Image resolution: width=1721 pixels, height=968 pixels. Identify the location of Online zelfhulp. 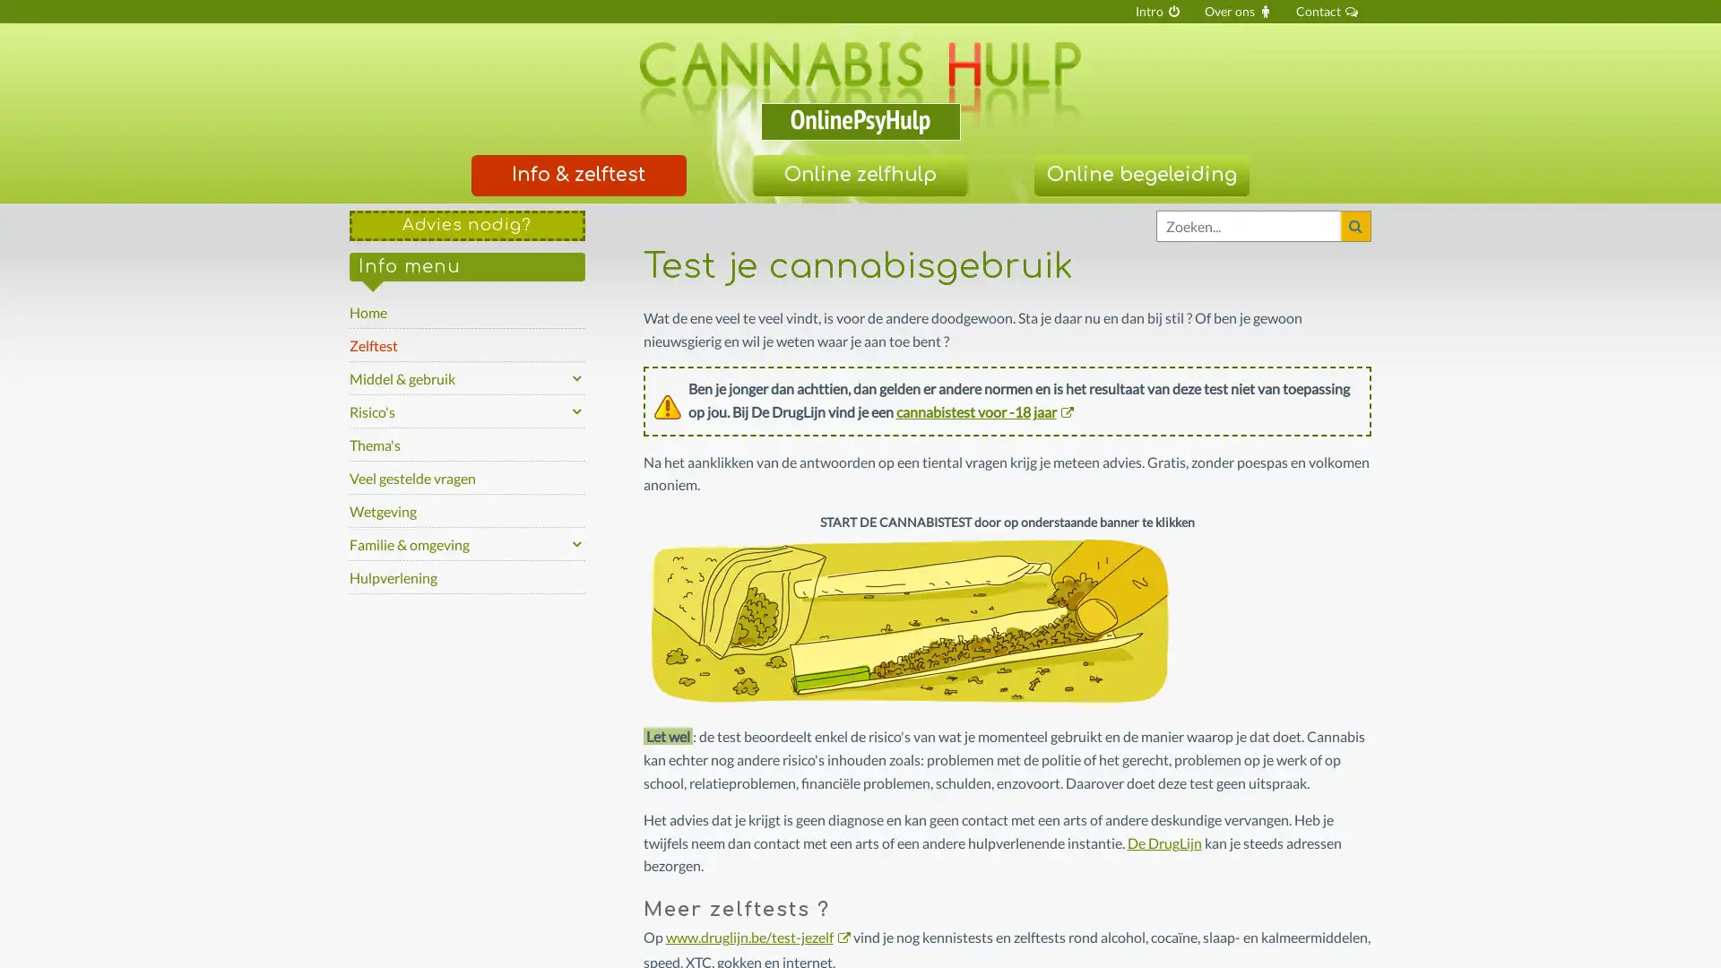
(859, 175).